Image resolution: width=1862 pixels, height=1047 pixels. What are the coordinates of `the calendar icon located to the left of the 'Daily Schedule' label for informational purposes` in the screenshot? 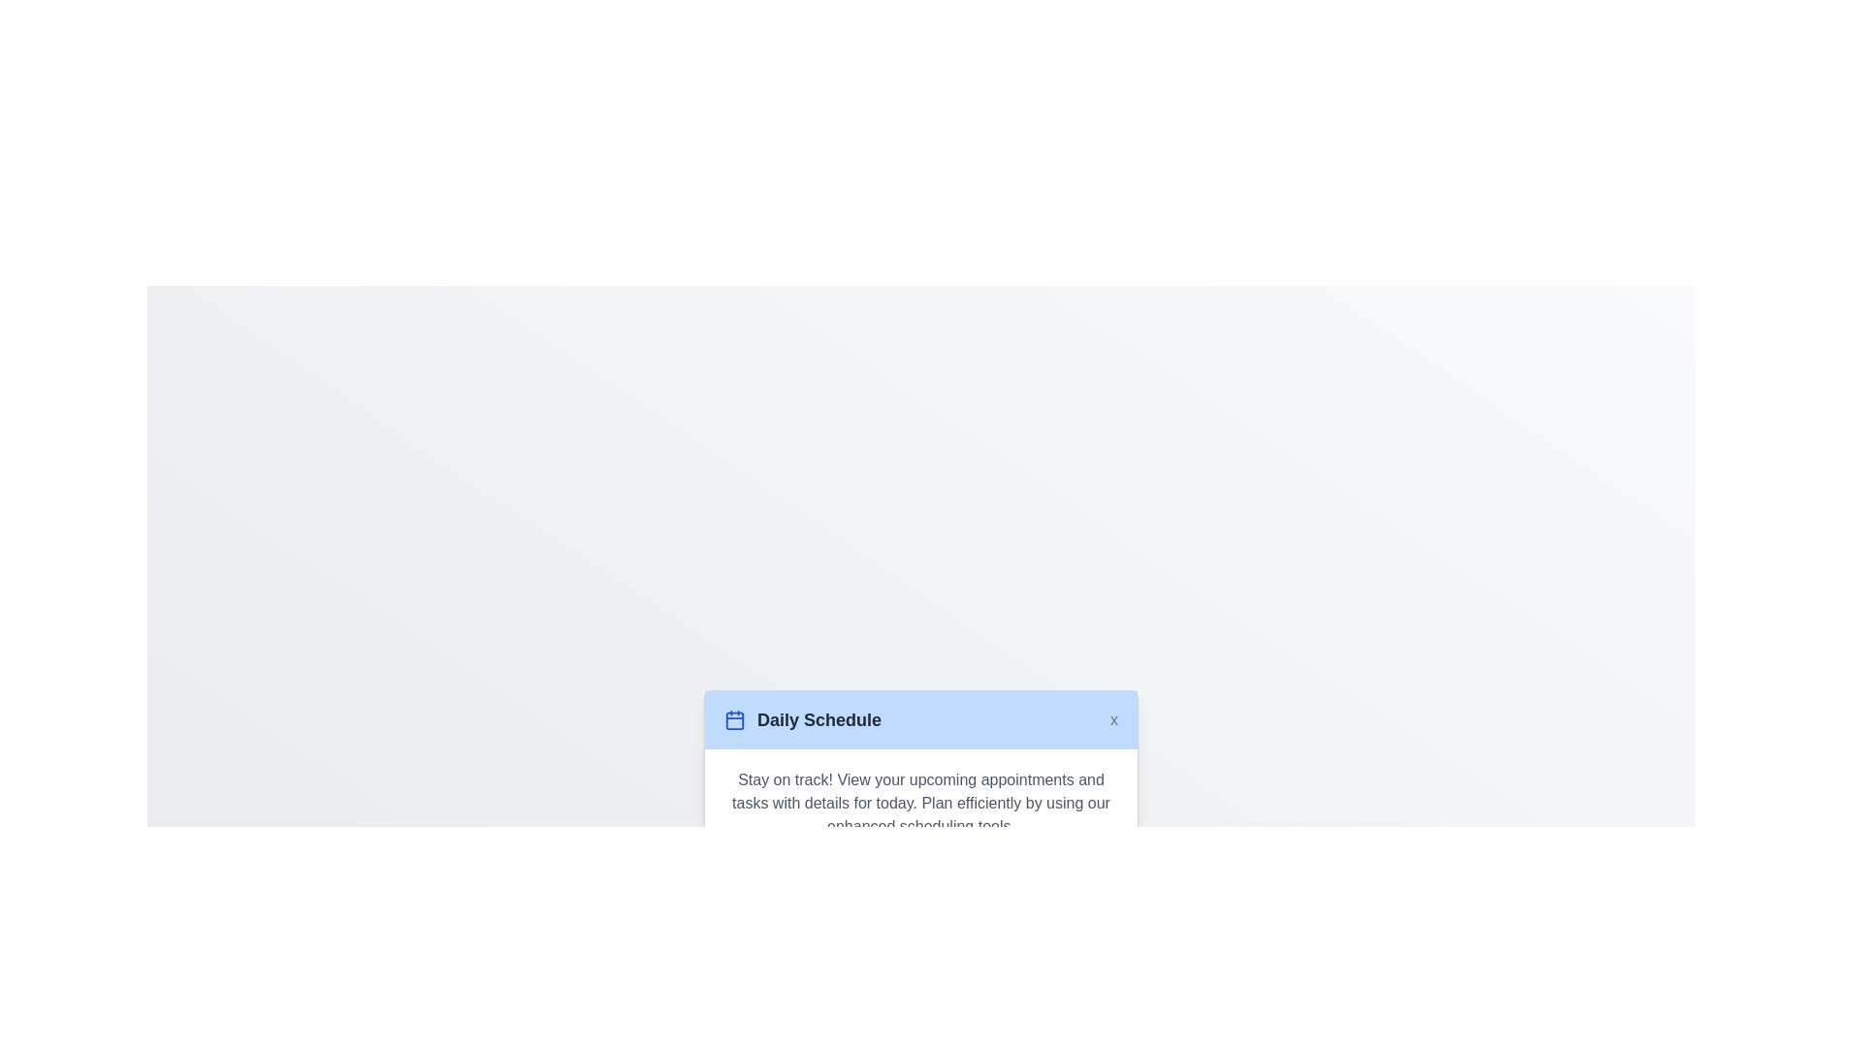 It's located at (734, 719).